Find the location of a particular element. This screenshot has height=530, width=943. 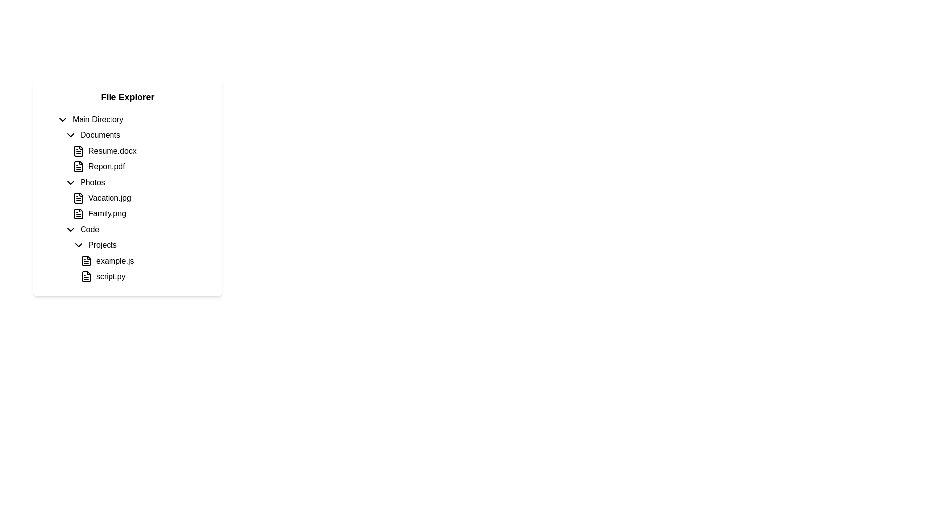

the first expandable list item in the hierarchical file explorer is located at coordinates (131, 119).